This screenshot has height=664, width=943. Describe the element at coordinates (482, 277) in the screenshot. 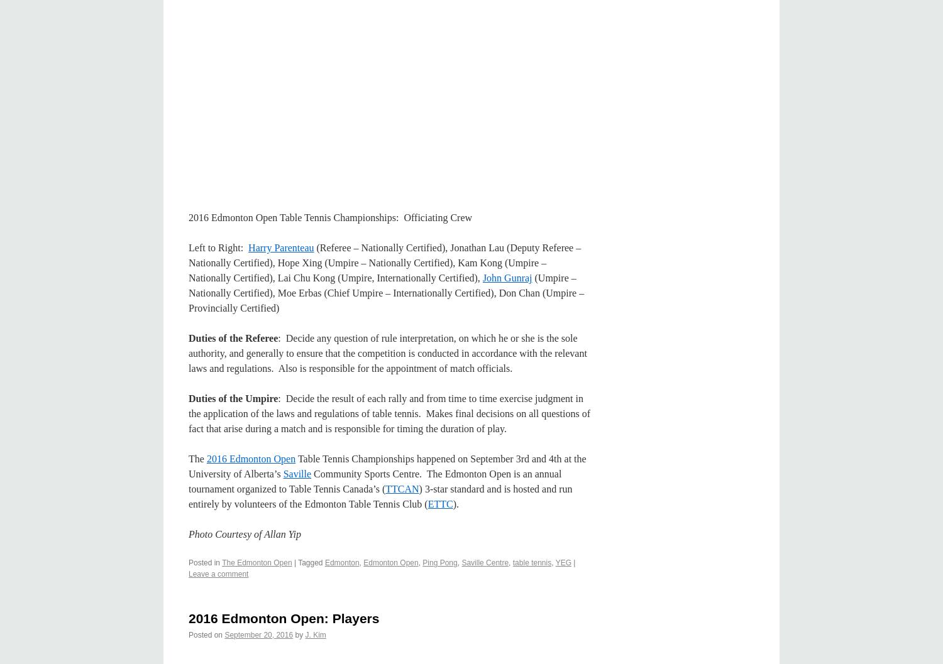

I see `'John Gunraj'` at that location.